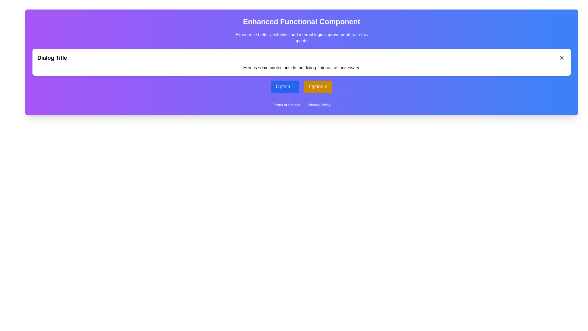  What do you see at coordinates (561, 58) in the screenshot?
I see `the black diagonal cross icon in the top-right corner of the dialog box` at bounding box center [561, 58].